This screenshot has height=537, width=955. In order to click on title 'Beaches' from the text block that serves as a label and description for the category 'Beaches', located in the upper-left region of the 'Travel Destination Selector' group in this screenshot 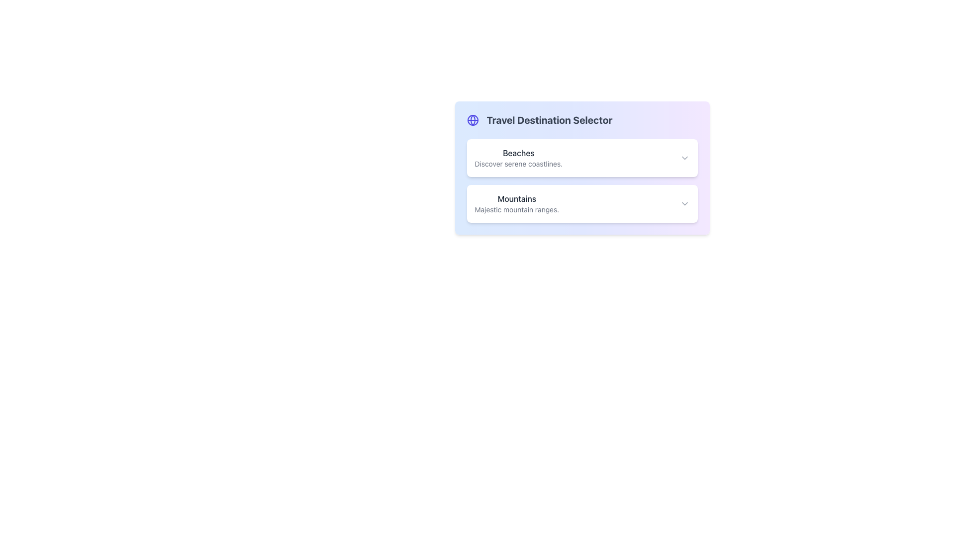, I will do `click(518, 157)`.